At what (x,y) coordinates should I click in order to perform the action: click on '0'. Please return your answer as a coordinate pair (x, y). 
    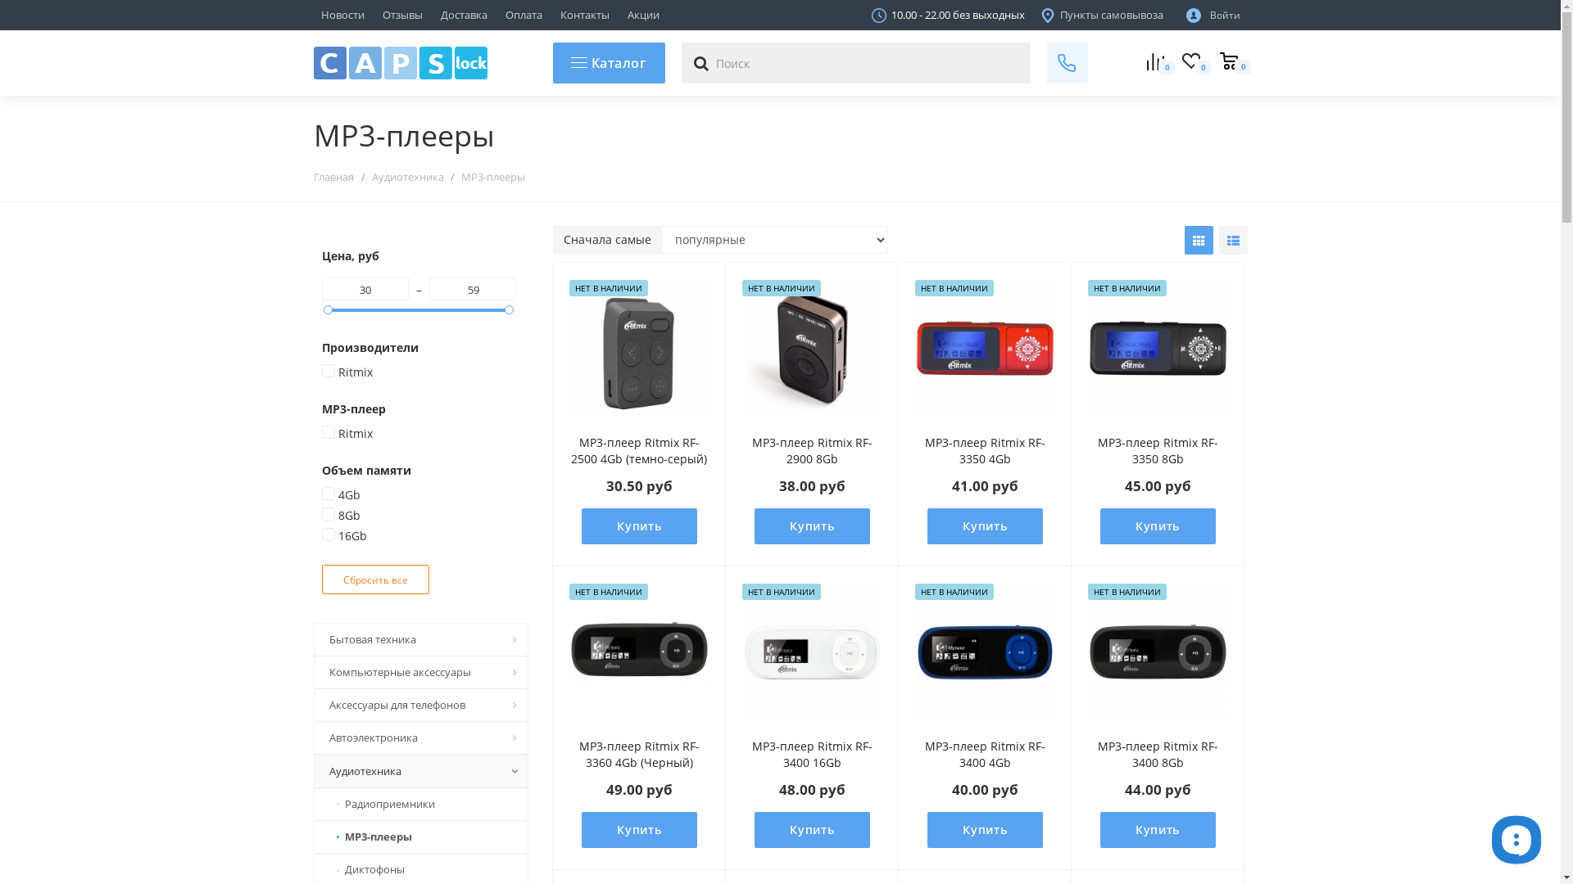
    Looking at the image, I should click on (1198, 62).